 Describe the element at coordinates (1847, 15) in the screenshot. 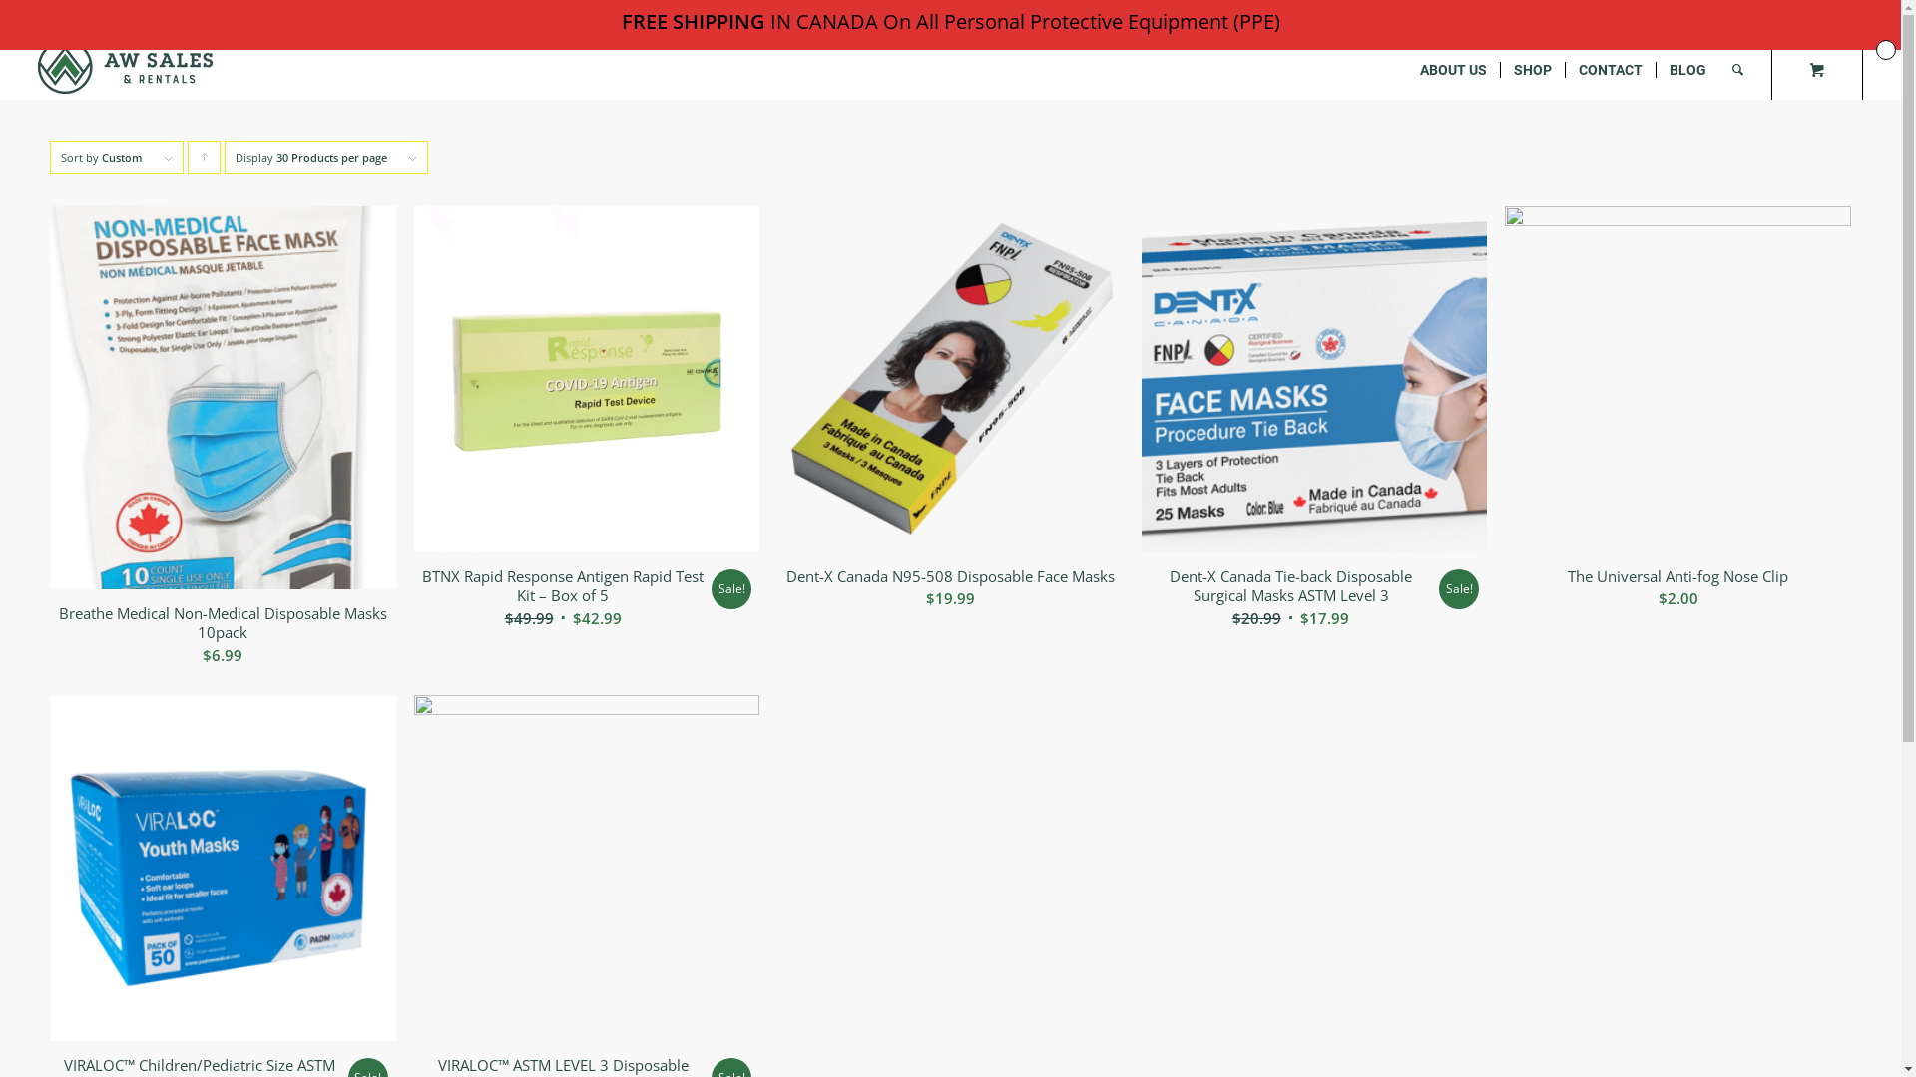

I see `'Instagram'` at that location.